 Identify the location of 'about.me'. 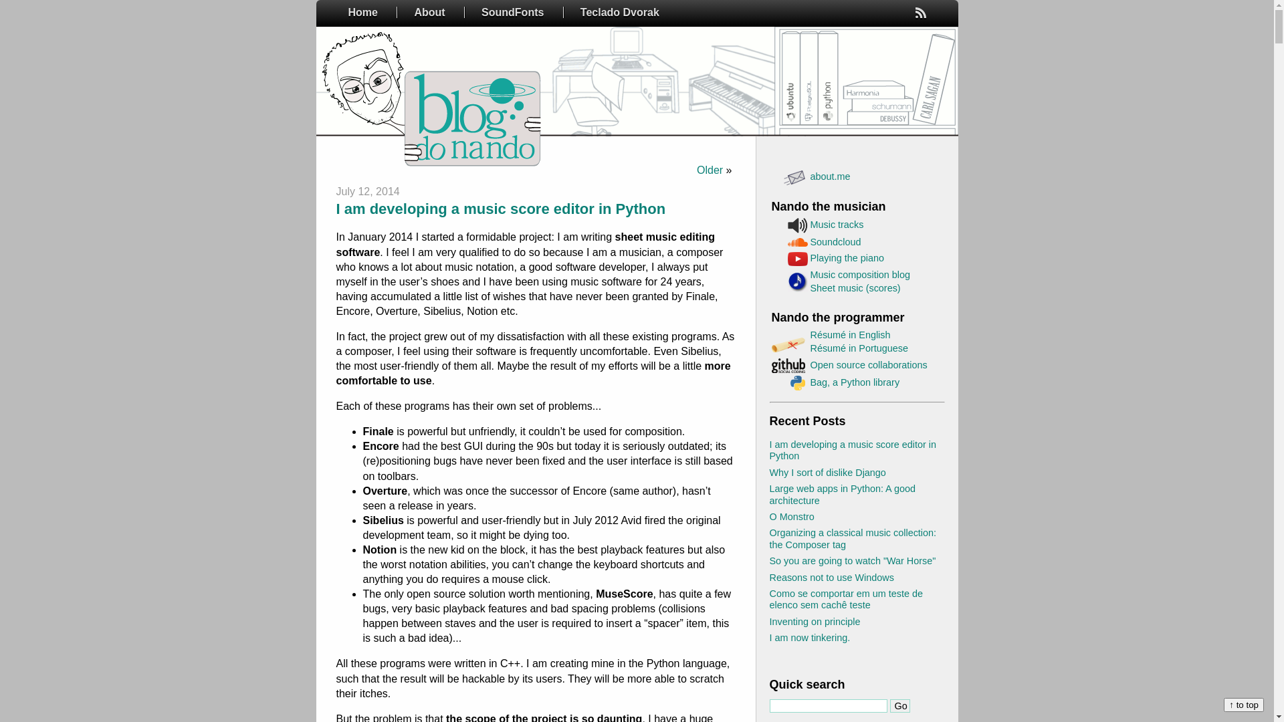
(830, 175).